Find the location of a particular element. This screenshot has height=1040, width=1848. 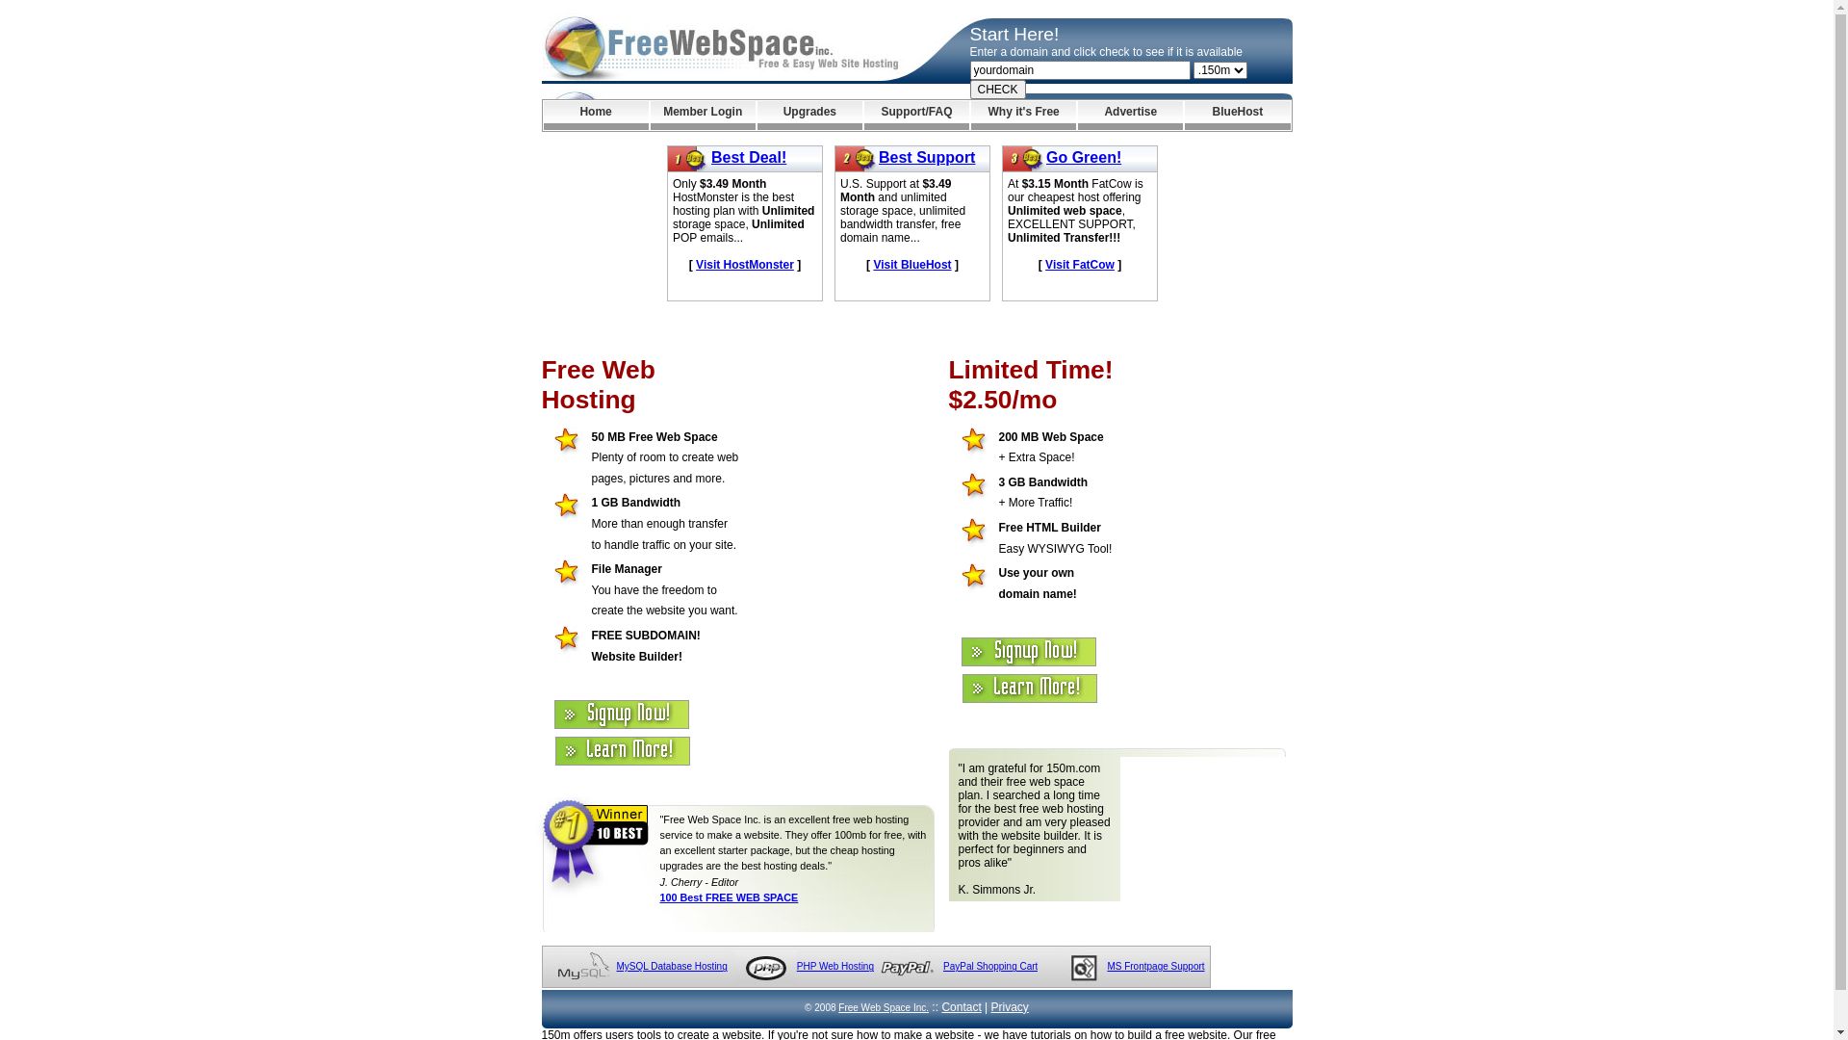

'PHP Web Hosting' is located at coordinates (797, 966).